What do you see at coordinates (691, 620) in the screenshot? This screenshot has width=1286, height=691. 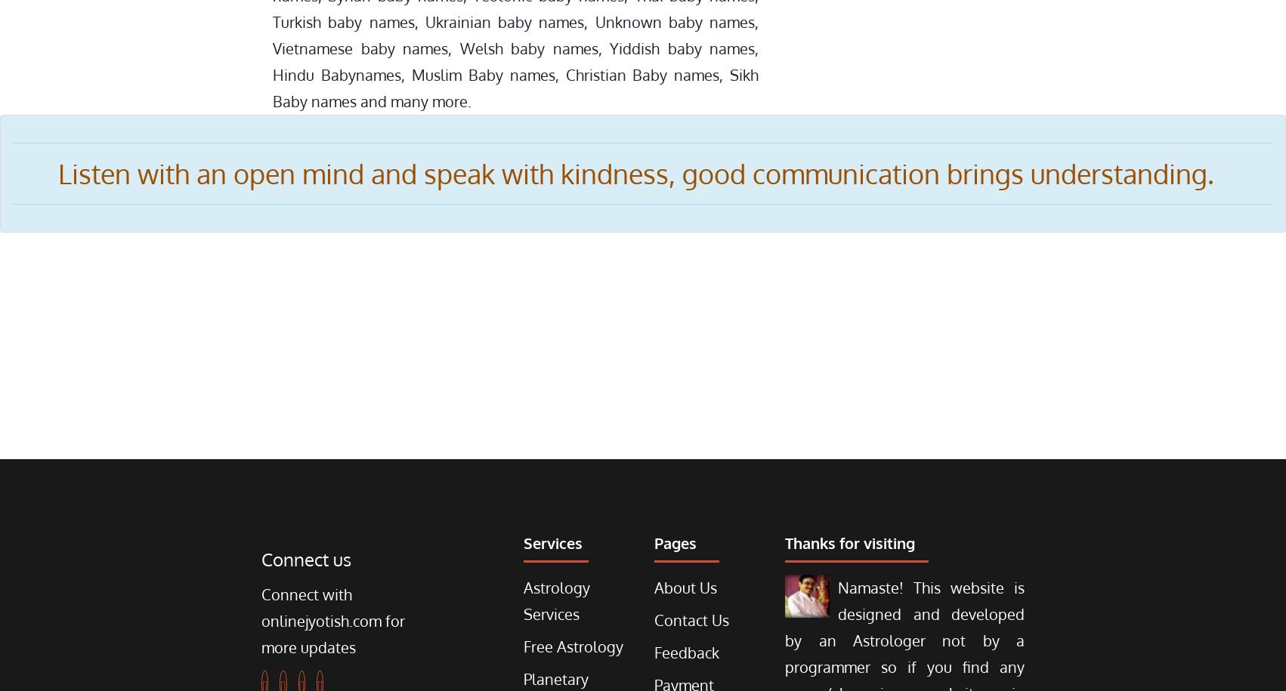 I see `'Contact Us'` at bounding box center [691, 620].